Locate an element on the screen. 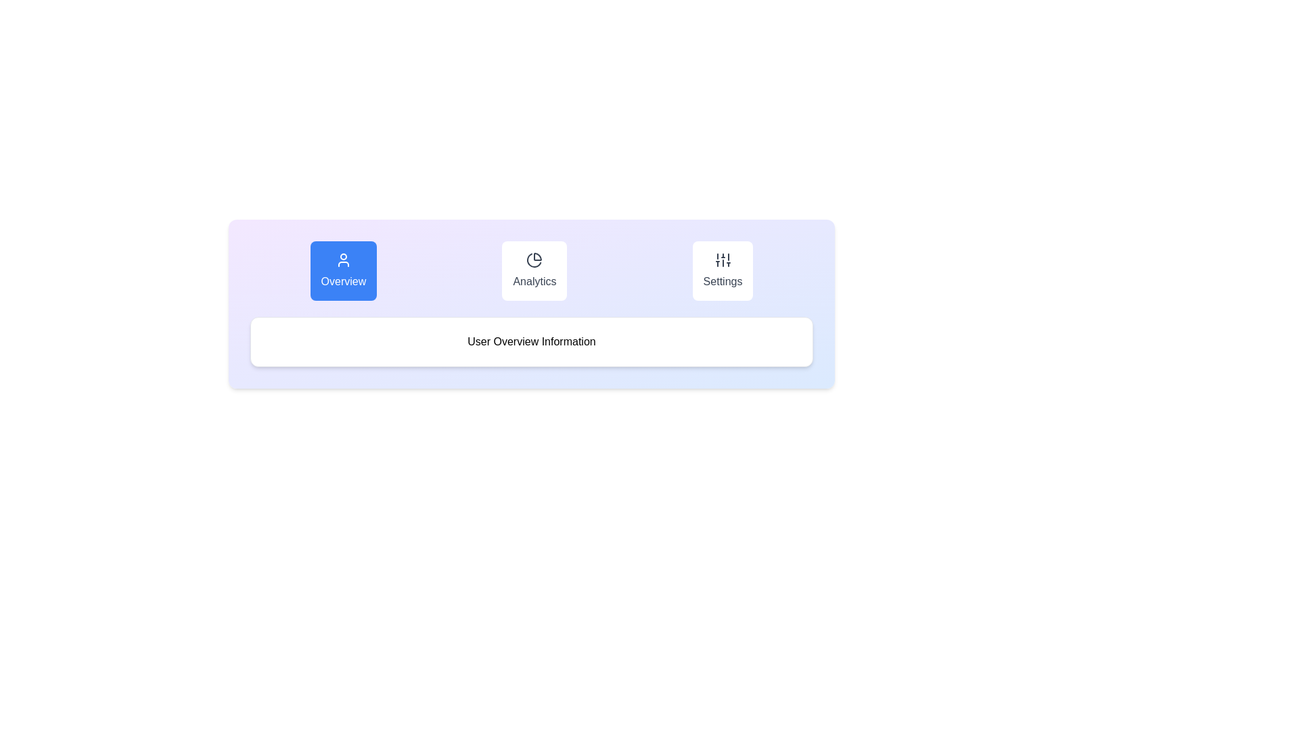  the Settings tab by clicking on its corresponding button is located at coordinates (722, 271).